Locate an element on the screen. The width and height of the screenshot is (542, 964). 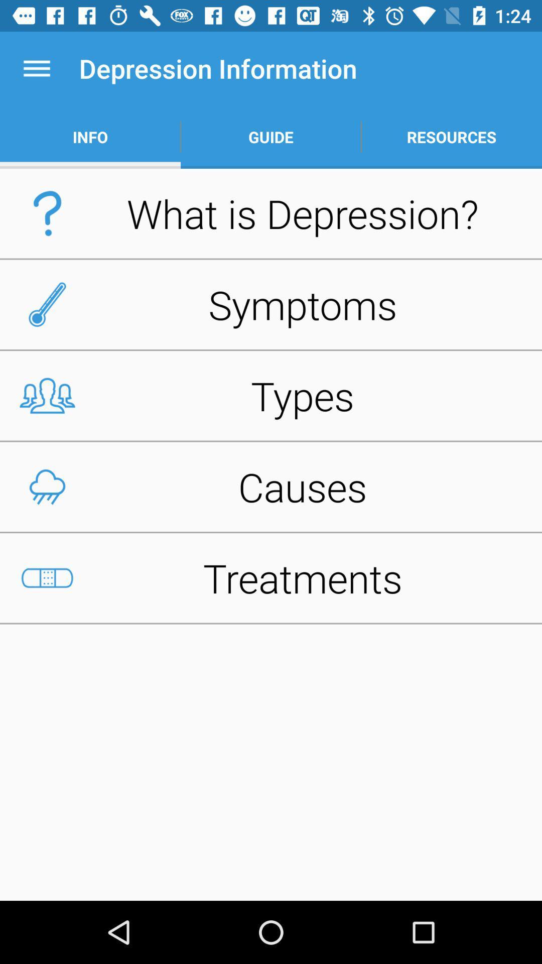
app next to guide icon is located at coordinates (90, 137).